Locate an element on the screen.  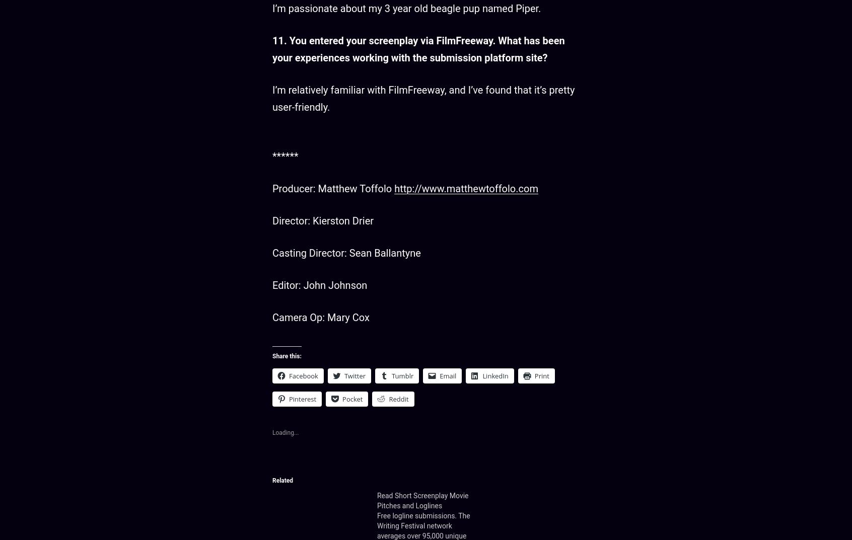
'Producer: Matthew Toffolo' is located at coordinates (333, 188).